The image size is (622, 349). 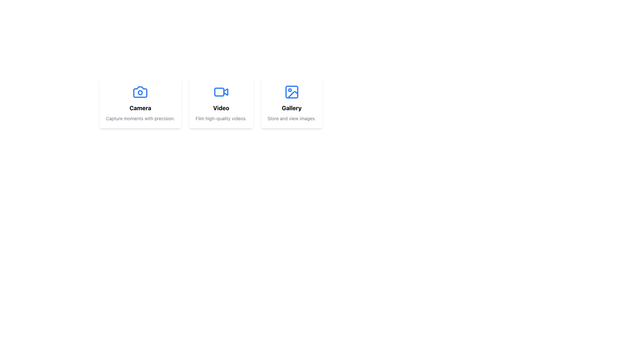 I want to click on the textual label that reads 'Capture moments with precision.' which is styled with a small font size and gray color, located within a white card labeled 'Camera', so click(x=140, y=118).